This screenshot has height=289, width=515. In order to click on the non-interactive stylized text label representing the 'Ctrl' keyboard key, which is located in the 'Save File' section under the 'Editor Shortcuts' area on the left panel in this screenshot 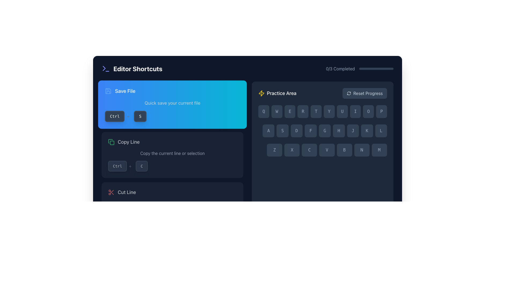, I will do `click(114, 116)`.